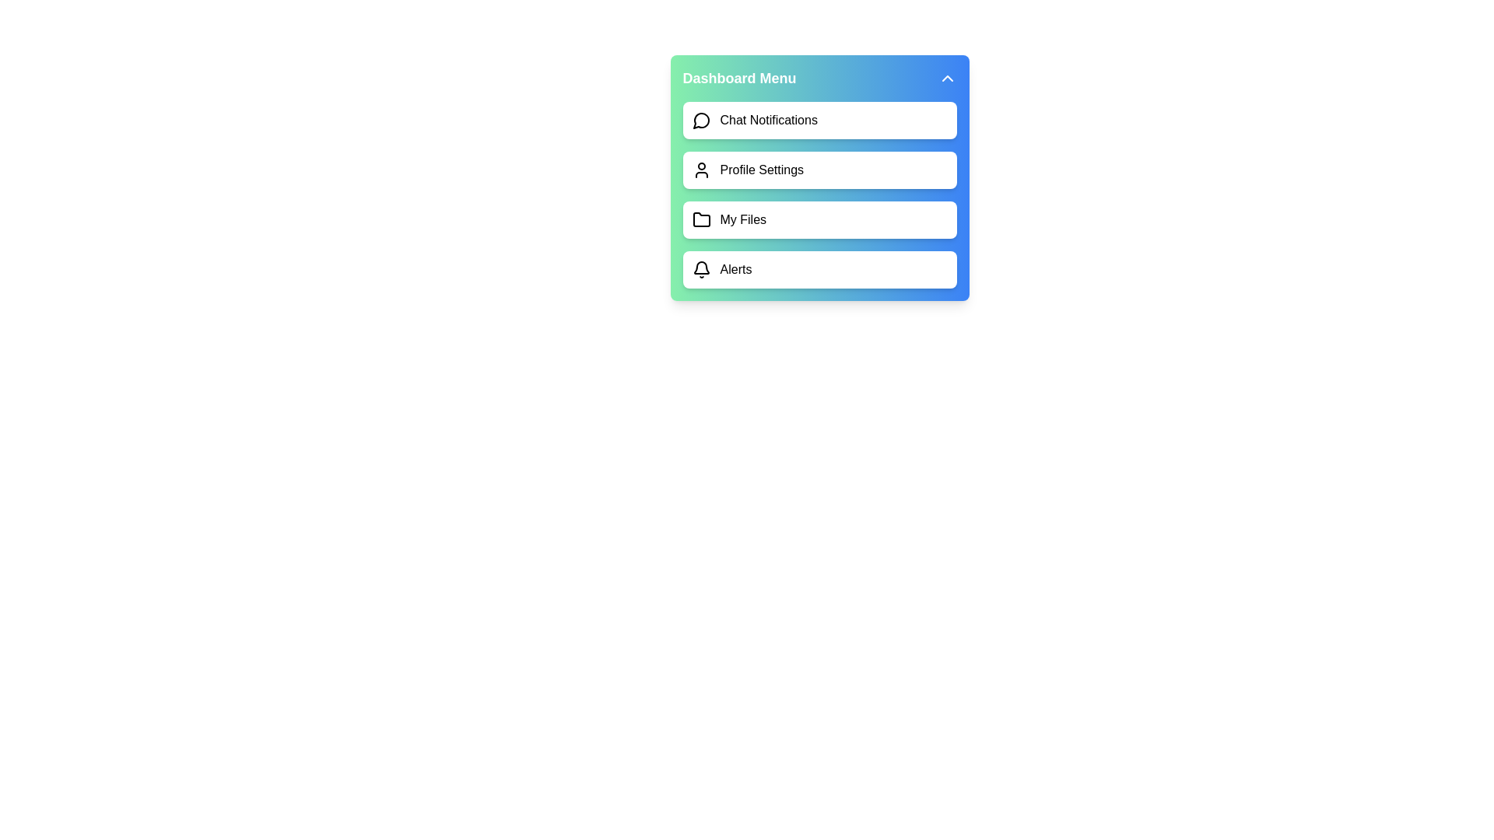 This screenshot has height=840, width=1494. What do you see at coordinates (700, 219) in the screenshot?
I see `the icon corresponding to My Files` at bounding box center [700, 219].